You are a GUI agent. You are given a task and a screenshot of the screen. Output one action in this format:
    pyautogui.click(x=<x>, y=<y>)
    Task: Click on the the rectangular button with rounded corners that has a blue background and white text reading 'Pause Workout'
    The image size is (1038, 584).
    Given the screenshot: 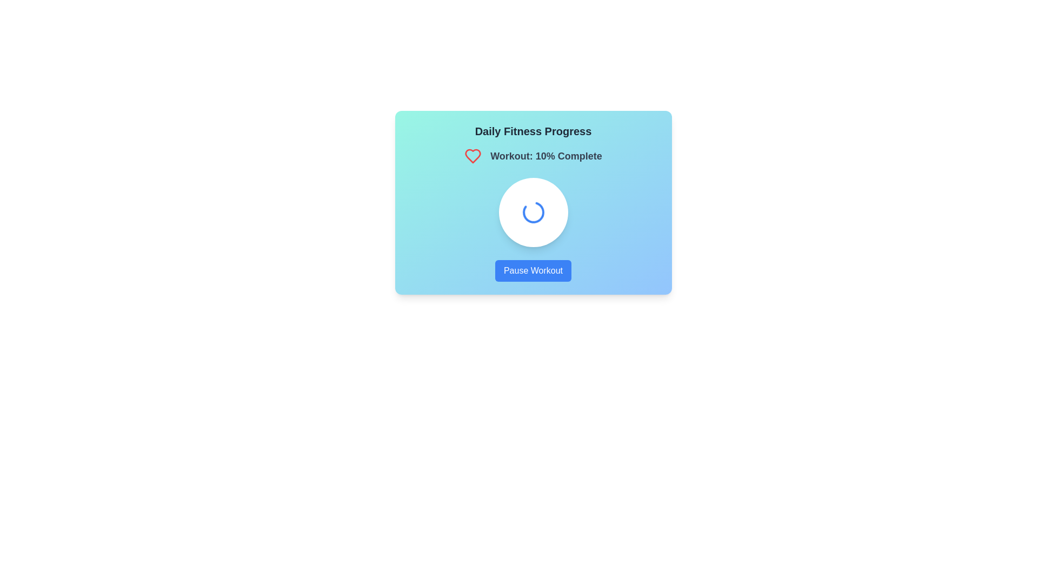 What is the action you would take?
    pyautogui.click(x=533, y=270)
    